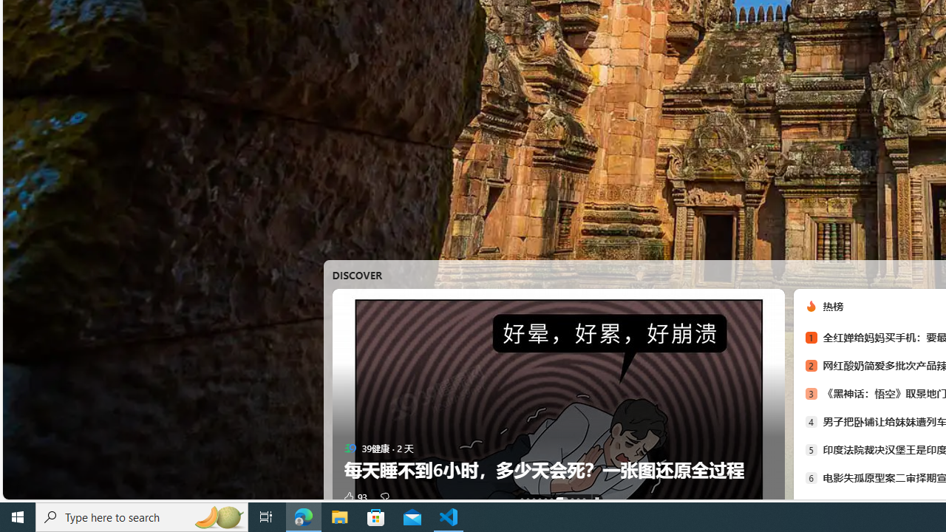 The image size is (946, 532). I want to click on 'AutomationID: tab-8', so click(577, 499).